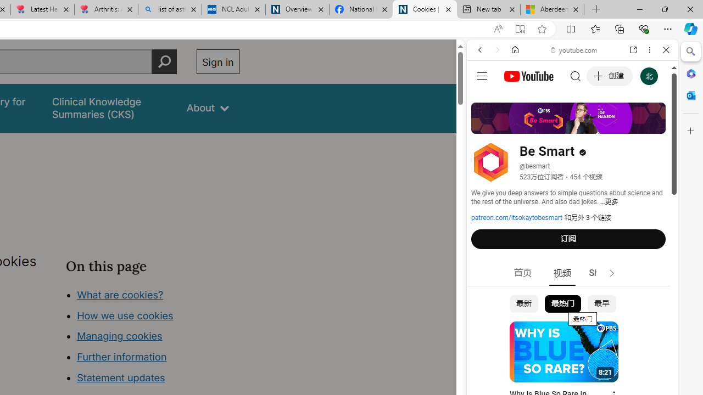 The image size is (703, 395). Describe the element at coordinates (553, 361) in the screenshot. I see `'Search videos from youtube.com'` at that location.